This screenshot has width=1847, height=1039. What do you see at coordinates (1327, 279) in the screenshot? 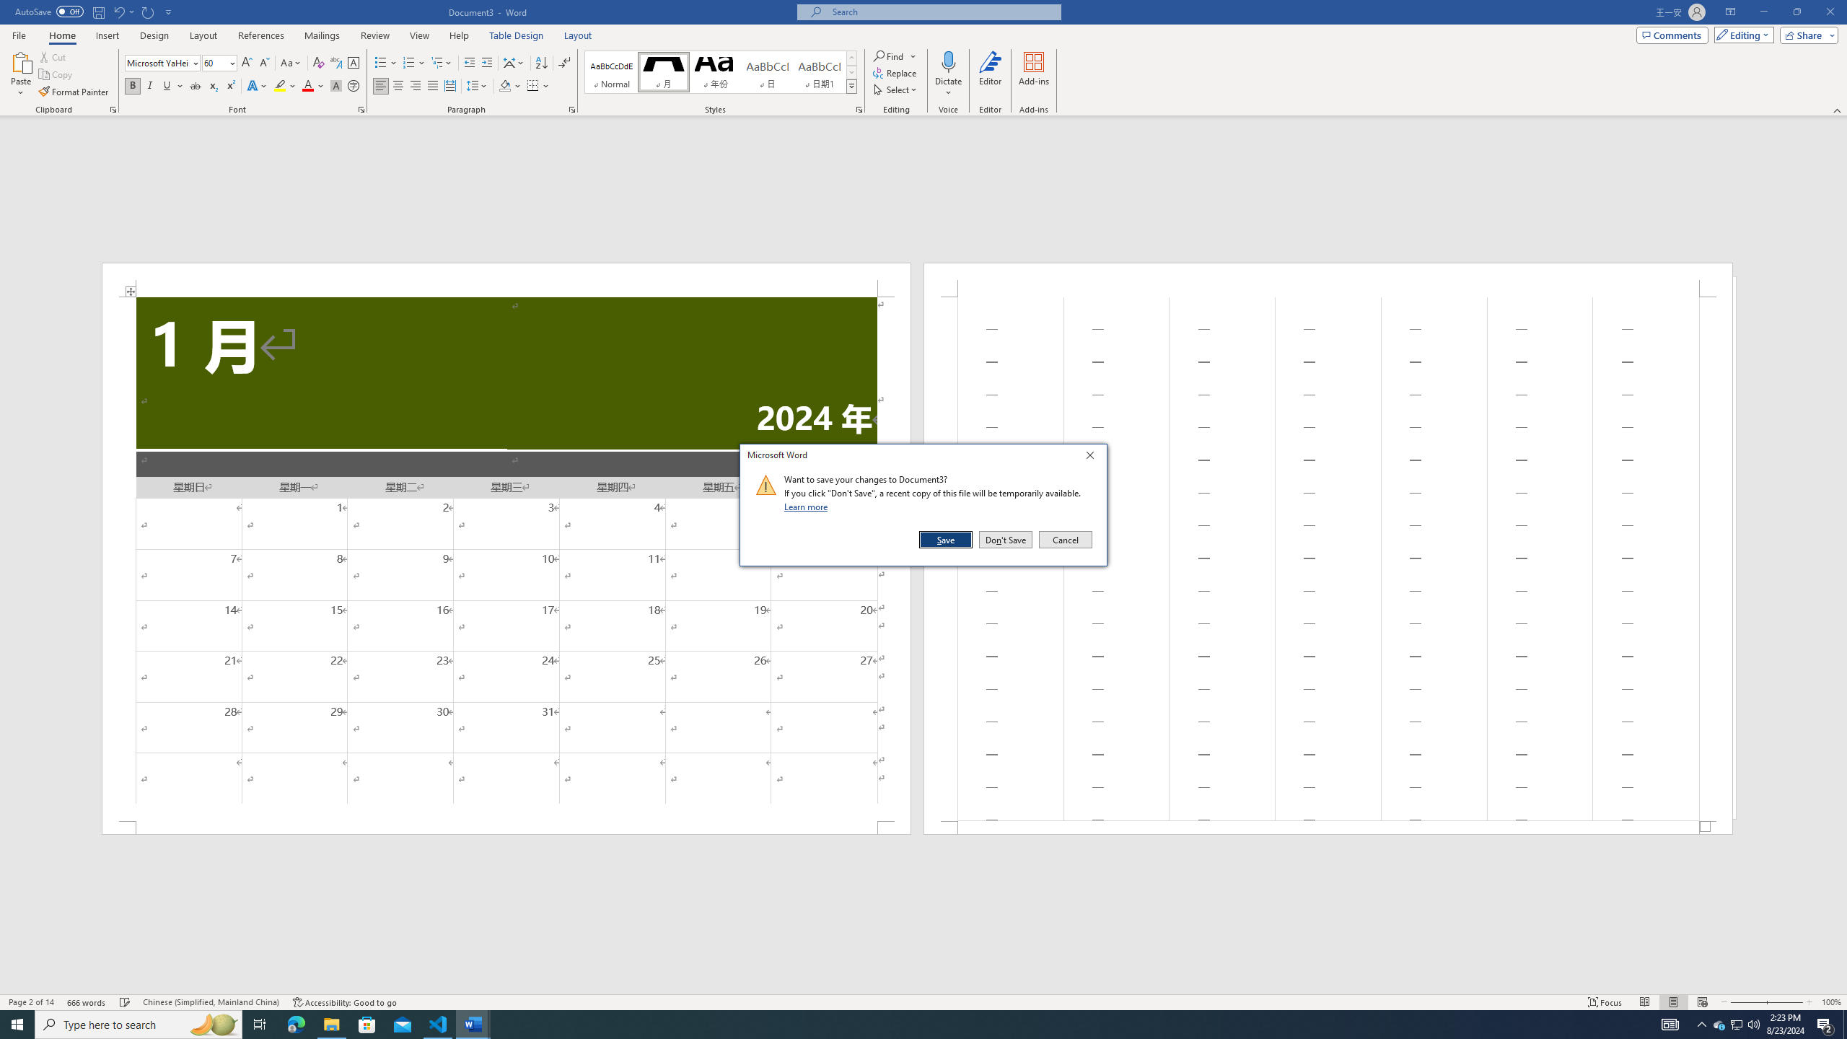
I see `'Header -Section 1-'` at bounding box center [1327, 279].